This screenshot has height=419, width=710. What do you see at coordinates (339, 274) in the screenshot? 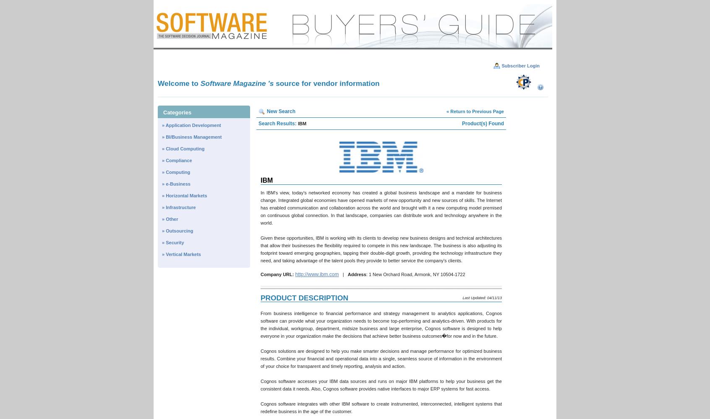
I see `'|'` at bounding box center [339, 274].